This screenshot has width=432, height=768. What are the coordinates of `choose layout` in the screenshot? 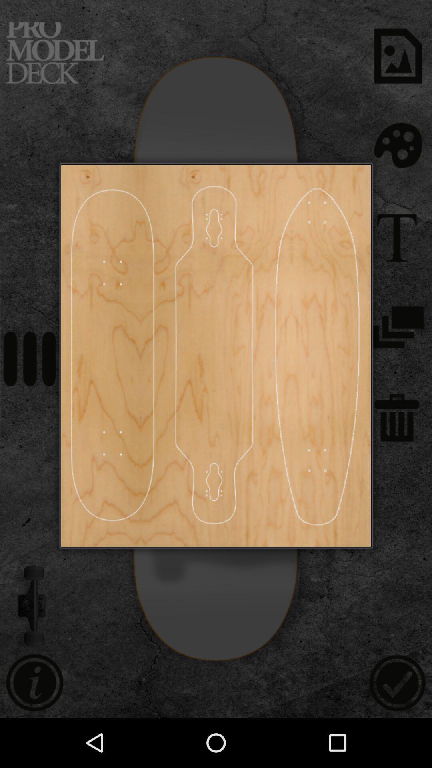 It's located at (316, 355).